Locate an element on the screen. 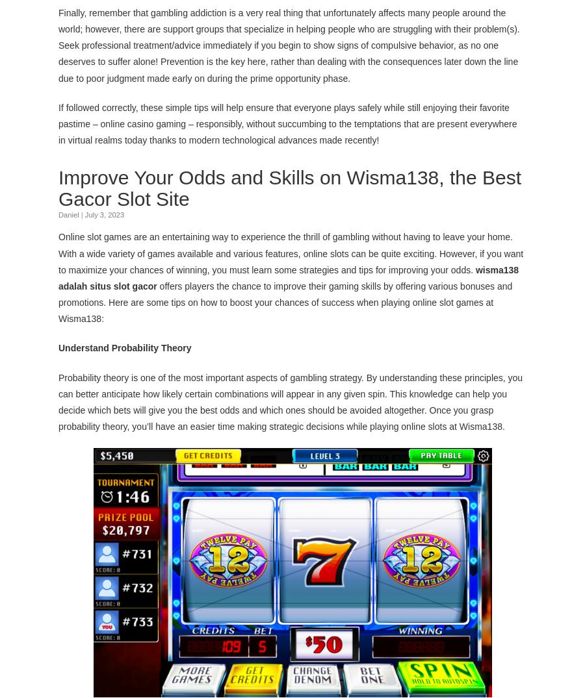 The height and width of the screenshot is (698, 585). 'wisma138 adalah situs slot gacor' is located at coordinates (58, 276).